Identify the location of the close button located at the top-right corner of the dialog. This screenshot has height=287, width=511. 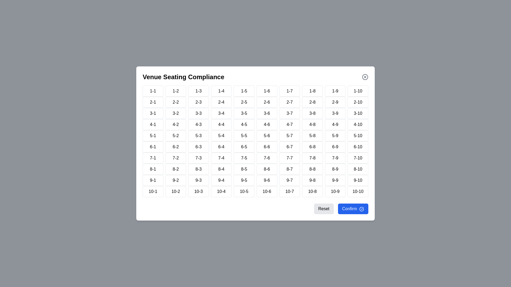
(365, 77).